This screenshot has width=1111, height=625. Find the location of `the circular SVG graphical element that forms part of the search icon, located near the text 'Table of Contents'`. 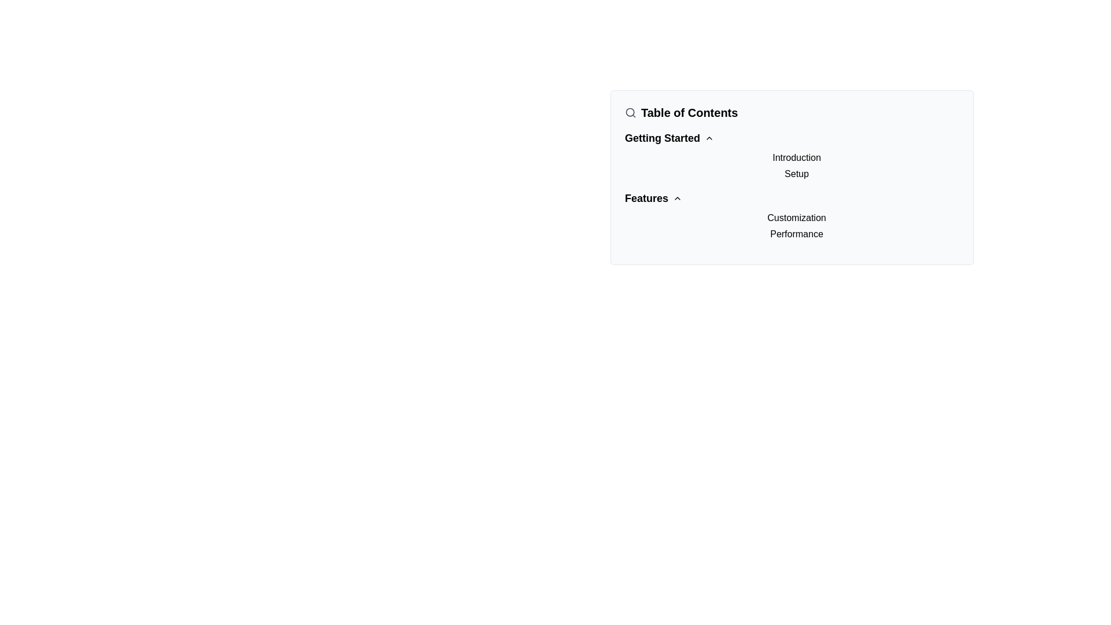

the circular SVG graphical element that forms part of the search icon, located near the text 'Table of Contents' is located at coordinates (630, 112).